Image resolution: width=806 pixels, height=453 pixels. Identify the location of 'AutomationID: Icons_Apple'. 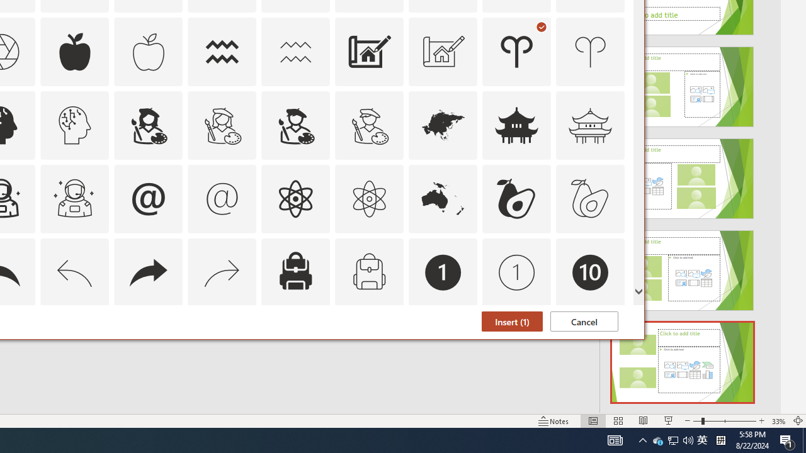
(74, 51).